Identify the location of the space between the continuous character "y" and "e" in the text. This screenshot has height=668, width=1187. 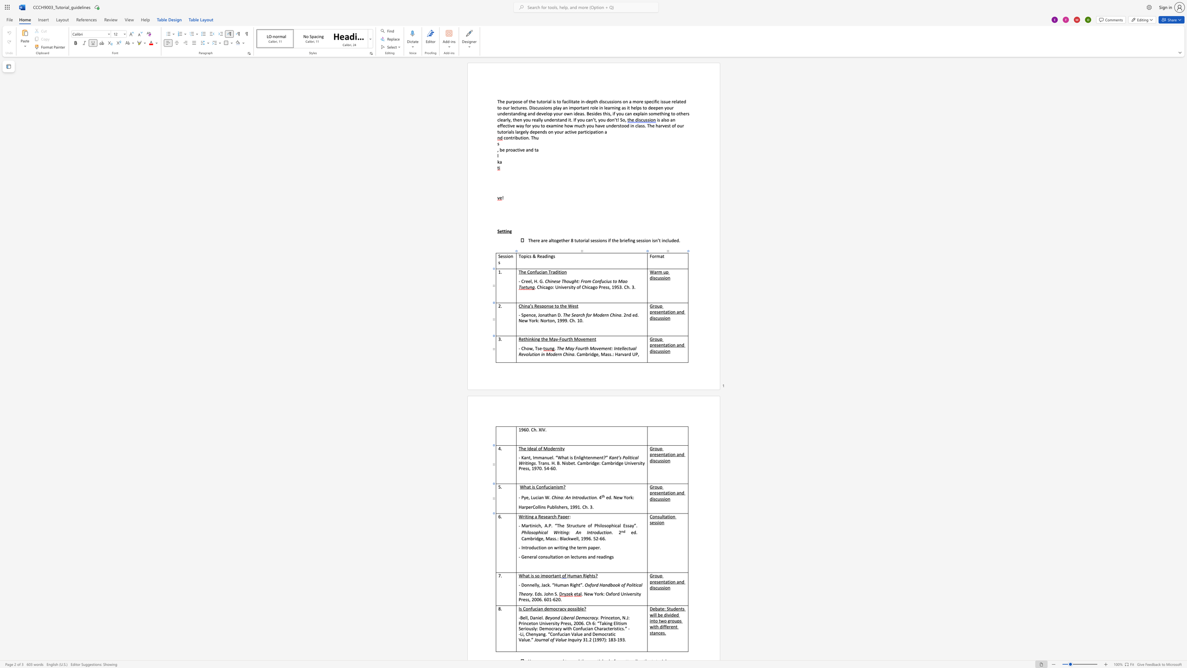
(526, 497).